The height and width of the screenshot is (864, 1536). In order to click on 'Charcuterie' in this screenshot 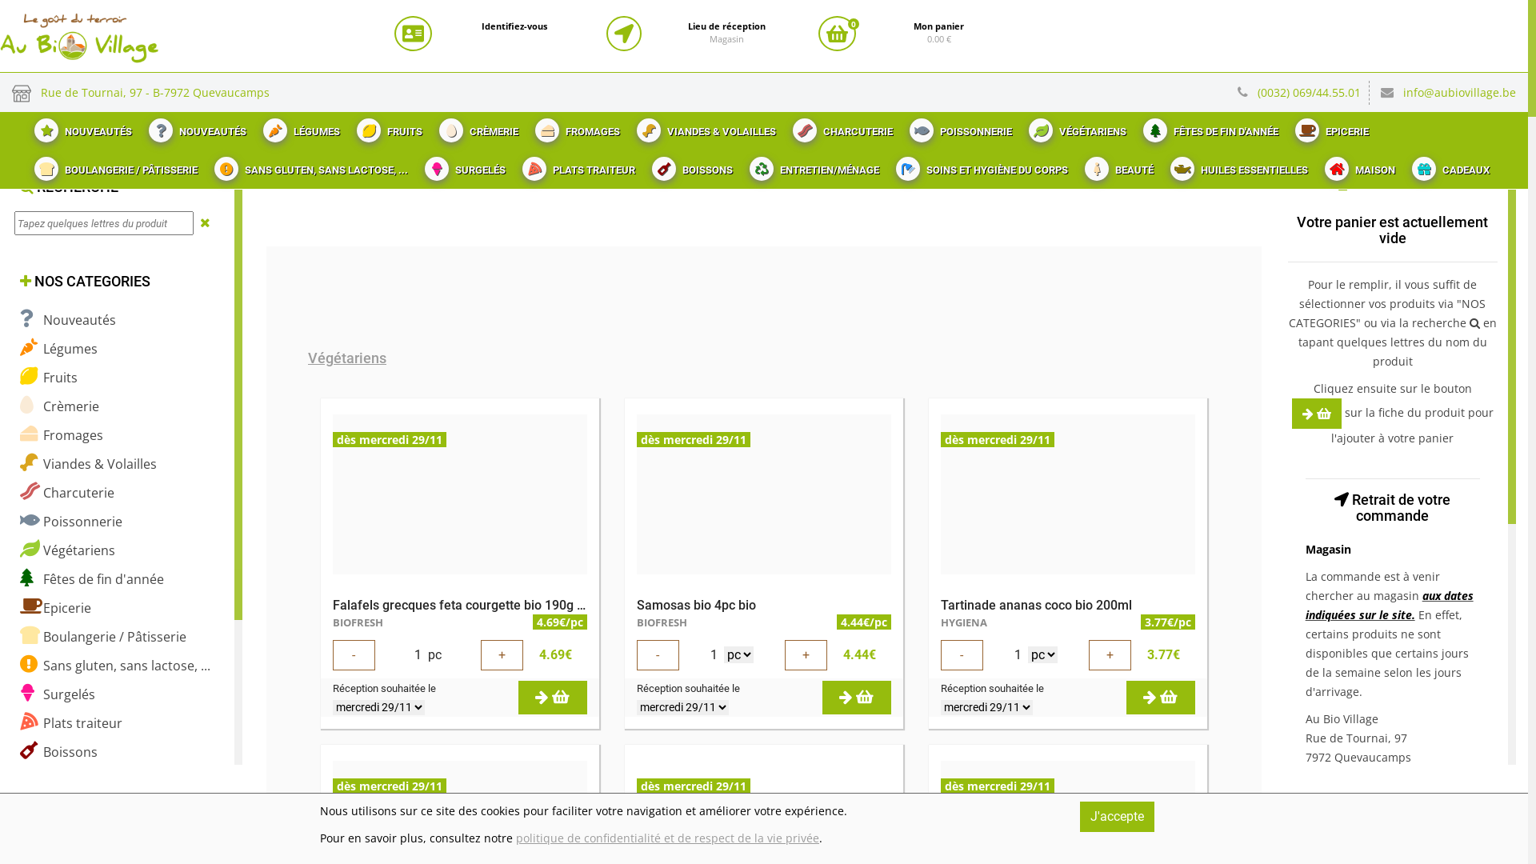, I will do `click(66, 491)`.